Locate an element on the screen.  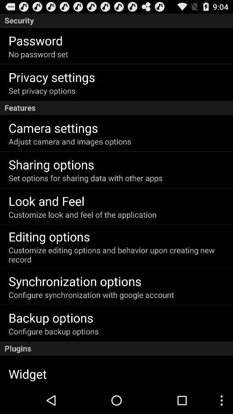
the icon above camera settings is located at coordinates (116, 107).